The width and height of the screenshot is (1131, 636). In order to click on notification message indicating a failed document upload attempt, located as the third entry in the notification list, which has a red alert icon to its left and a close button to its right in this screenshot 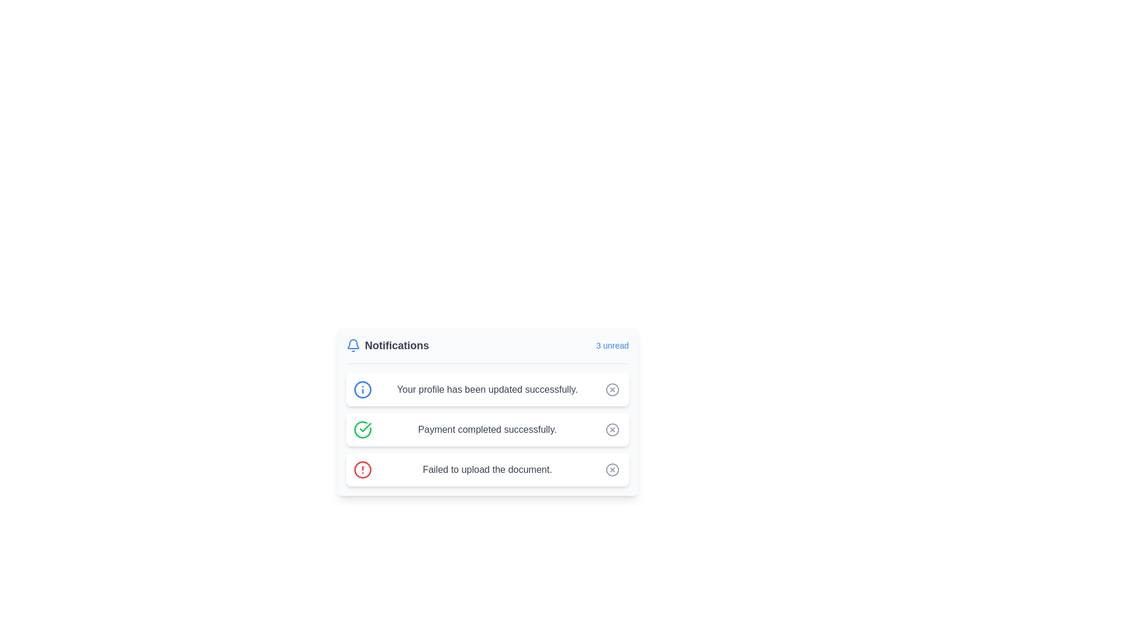, I will do `click(487, 469)`.